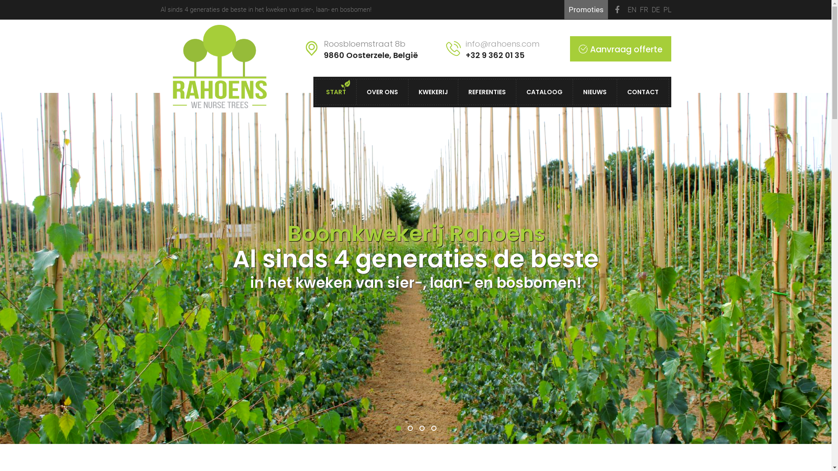 This screenshot has height=471, width=838. I want to click on 'FR', so click(644, 10).